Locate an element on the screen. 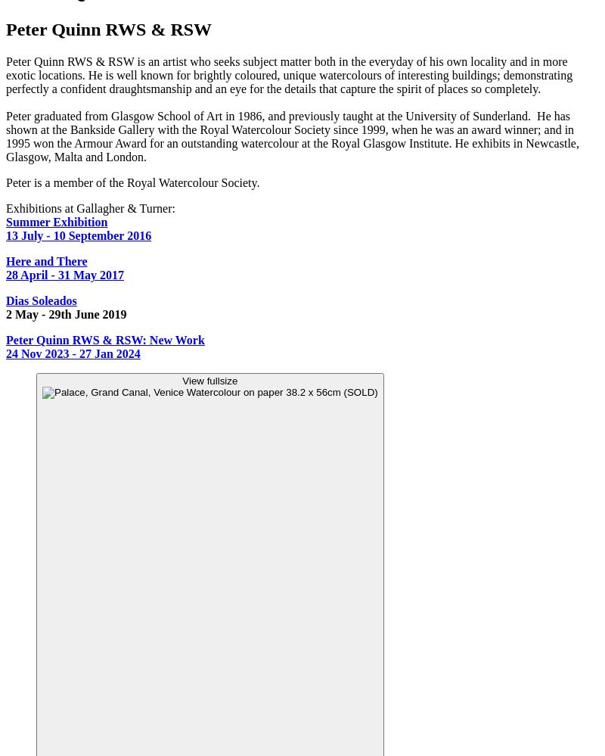 This screenshot has width=605, height=756. 'Summer Exhibition' is located at coordinates (57, 221).